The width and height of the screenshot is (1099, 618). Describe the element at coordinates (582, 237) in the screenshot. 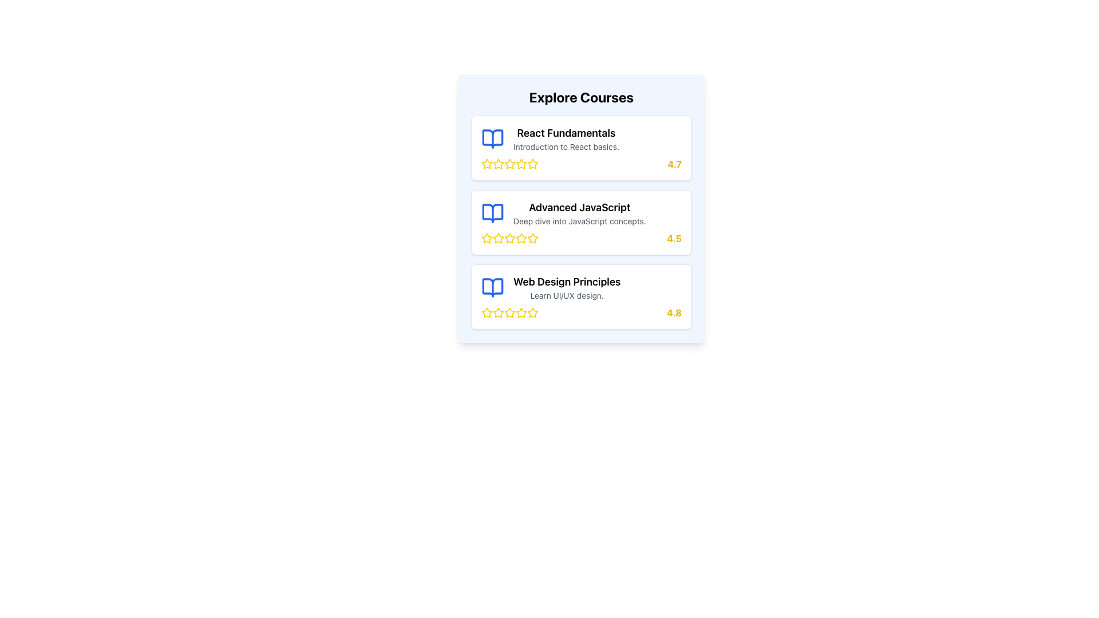

I see `the rating display of the 'Advanced JavaScript' course, which is located in the second course card, below the course subtitle and next to the yellow stars` at that location.